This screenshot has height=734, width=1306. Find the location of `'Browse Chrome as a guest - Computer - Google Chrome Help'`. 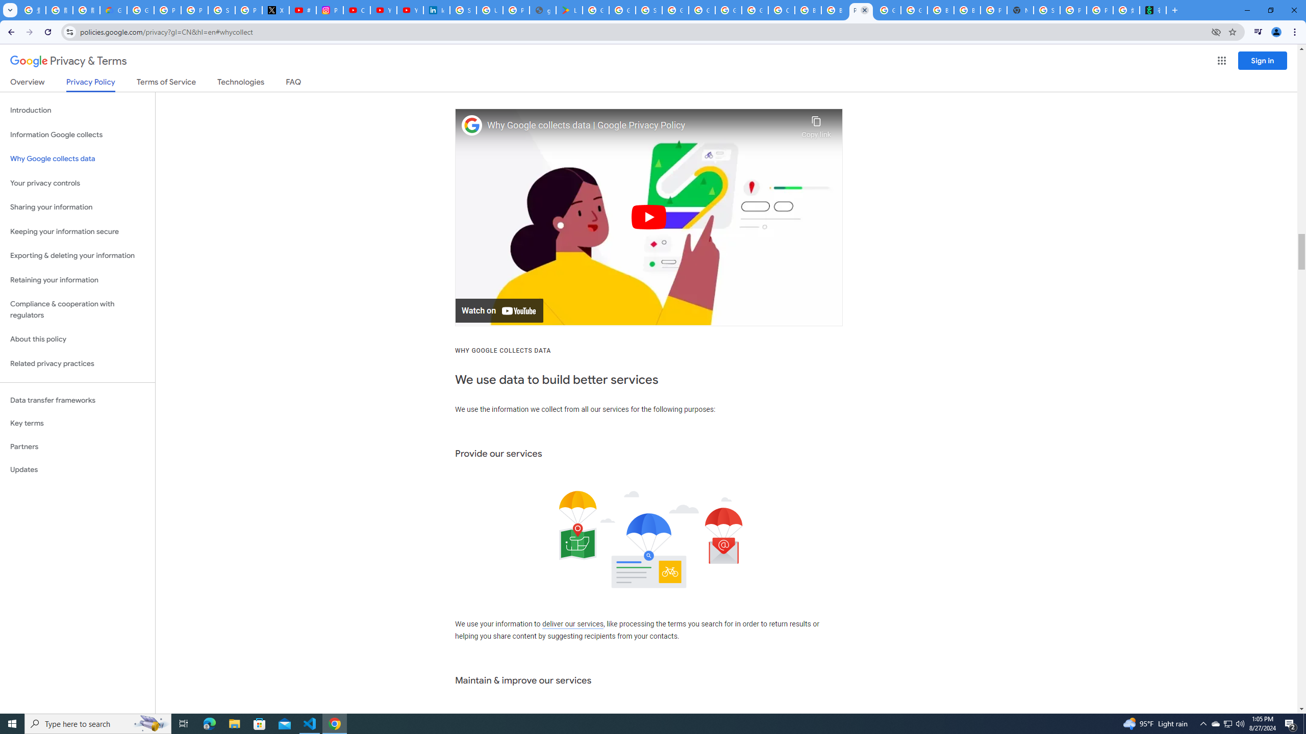

'Browse Chrome as a guest - Computer - Google Chrome Help' is located at coordinates (967, 10).